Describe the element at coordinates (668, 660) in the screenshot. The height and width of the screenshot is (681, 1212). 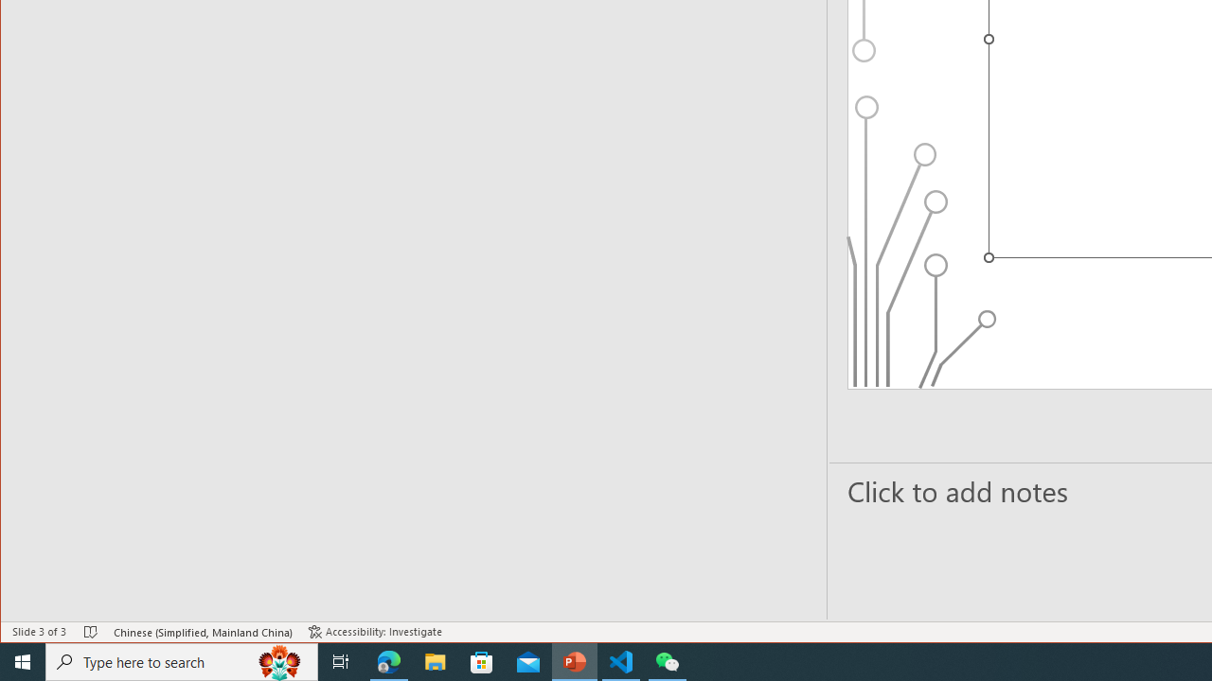
I see `'WeChat - 1 running window'` at that location.